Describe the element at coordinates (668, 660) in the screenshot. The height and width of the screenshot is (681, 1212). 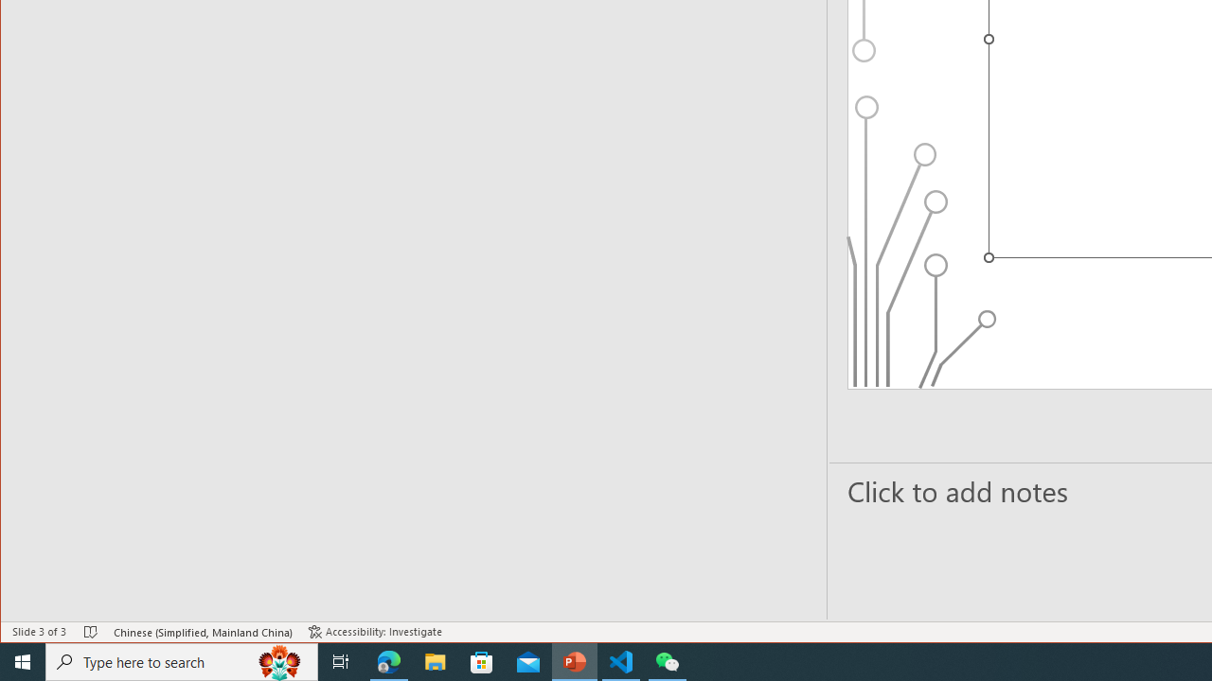
I see `'WeChat - 1 running window'` at that location.